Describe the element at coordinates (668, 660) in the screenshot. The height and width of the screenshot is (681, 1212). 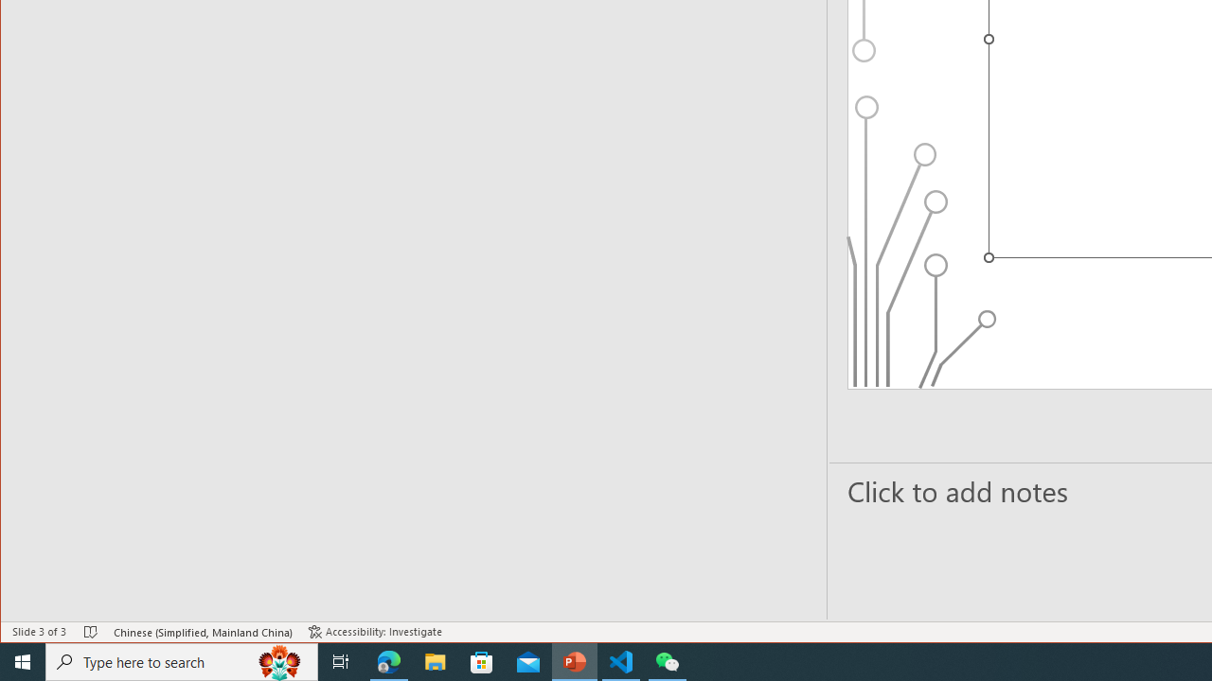
I see `'WeChat - 1 running window'` at that location.